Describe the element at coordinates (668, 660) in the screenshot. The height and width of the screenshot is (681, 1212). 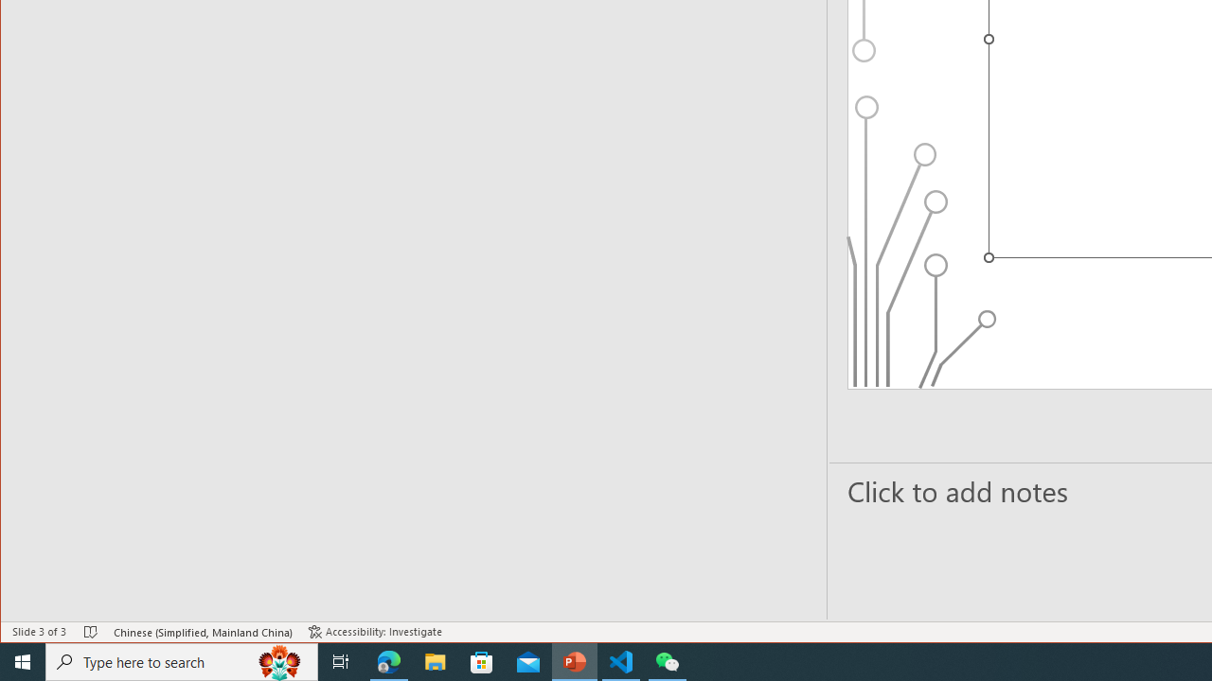
I see `'WeChat - 1 running window'` at that location.